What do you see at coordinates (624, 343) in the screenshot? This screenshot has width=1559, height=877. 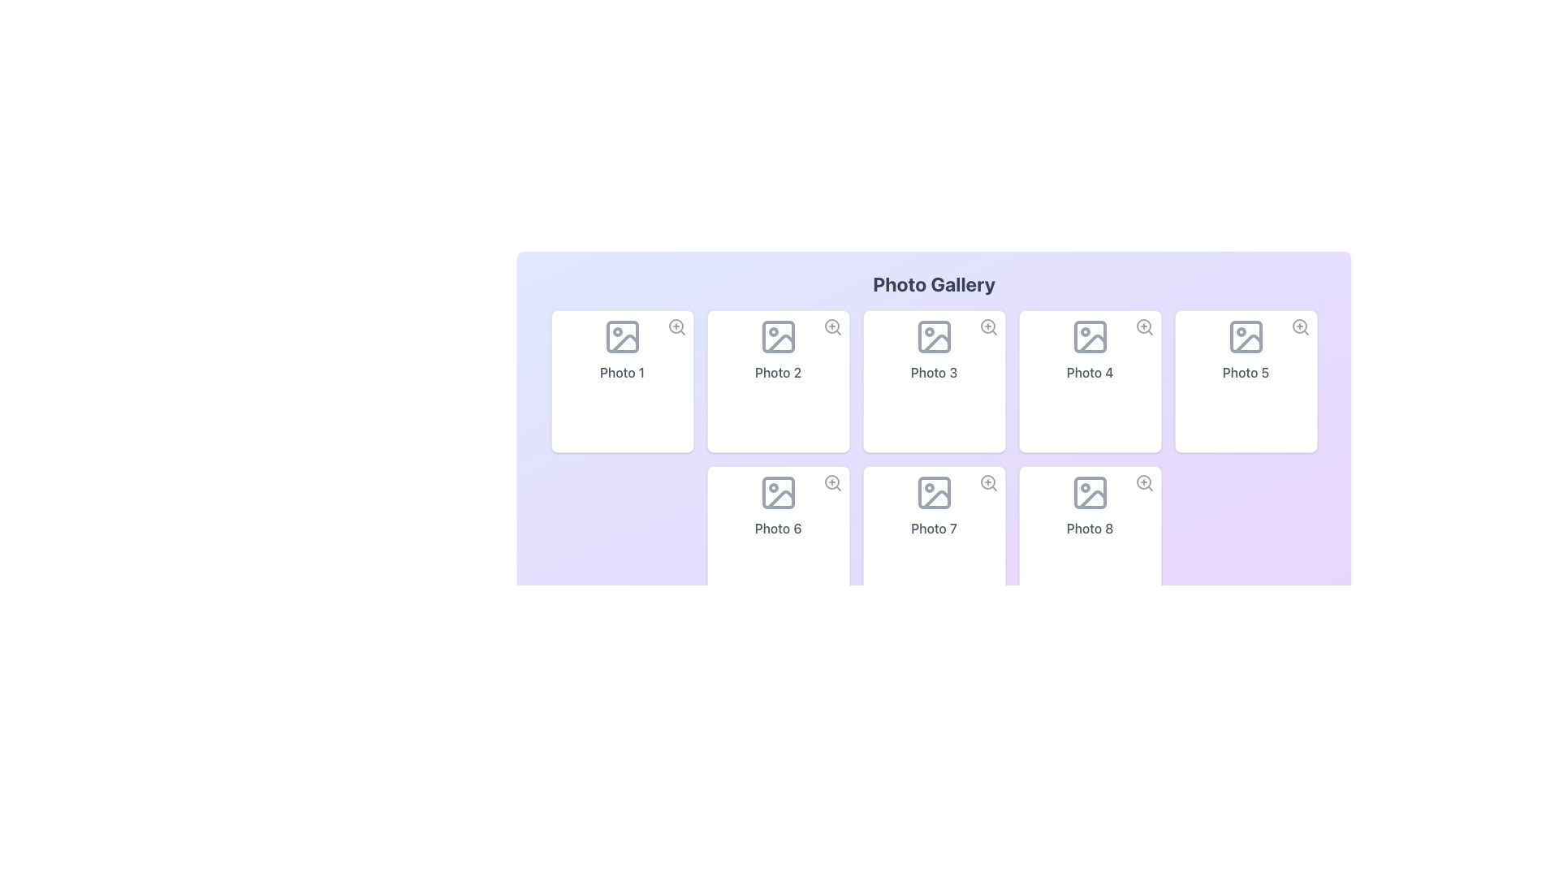 I see `graphical decorative element resembling an abstract mountain and sun icon located in the first grid item of the gallery interface for debugging purposes` at bounding box center [624, 343].